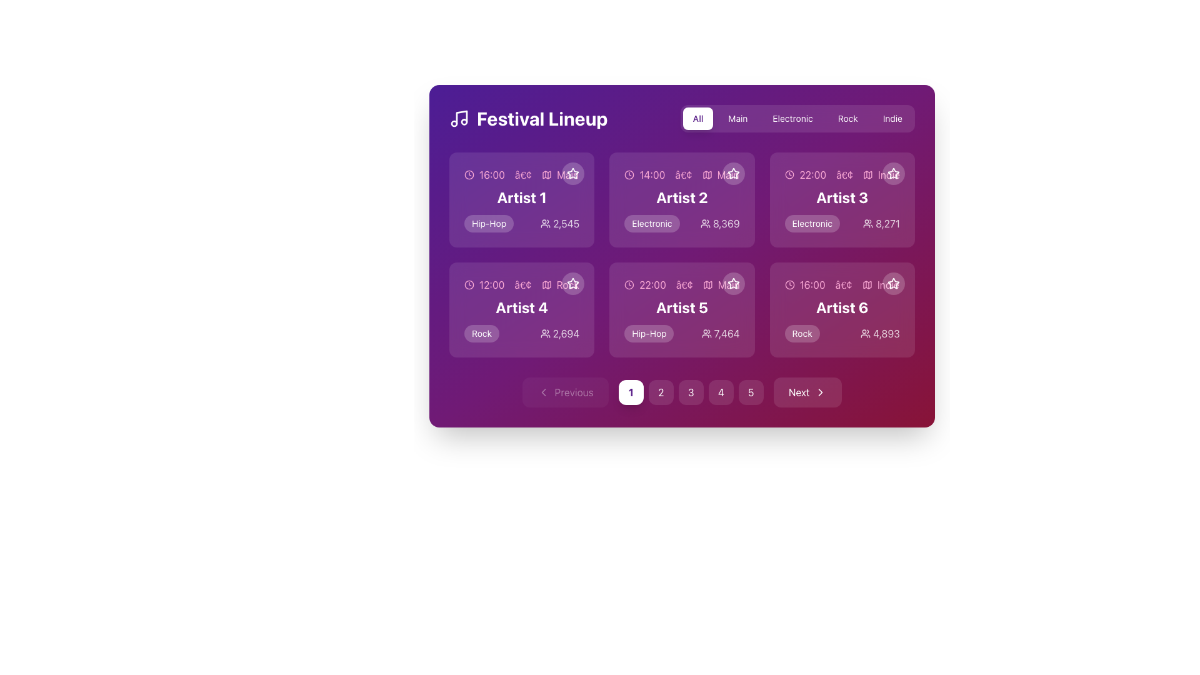  I want to click on the text label displaying the numeric metric '8,271' with a user group icon, located within the card for 'Artist 3' in the grid layout, so click(881, 223).